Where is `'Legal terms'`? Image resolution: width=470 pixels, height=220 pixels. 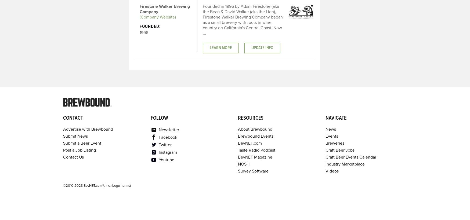
'Legal terms' is located at coordinates (121, 185).